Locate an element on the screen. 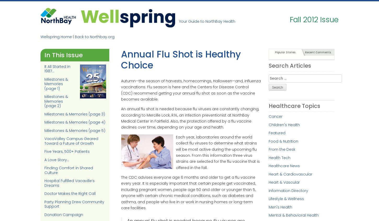 The image size is (379, 221). 'Health Tech' is located at coordinates (279, 157).